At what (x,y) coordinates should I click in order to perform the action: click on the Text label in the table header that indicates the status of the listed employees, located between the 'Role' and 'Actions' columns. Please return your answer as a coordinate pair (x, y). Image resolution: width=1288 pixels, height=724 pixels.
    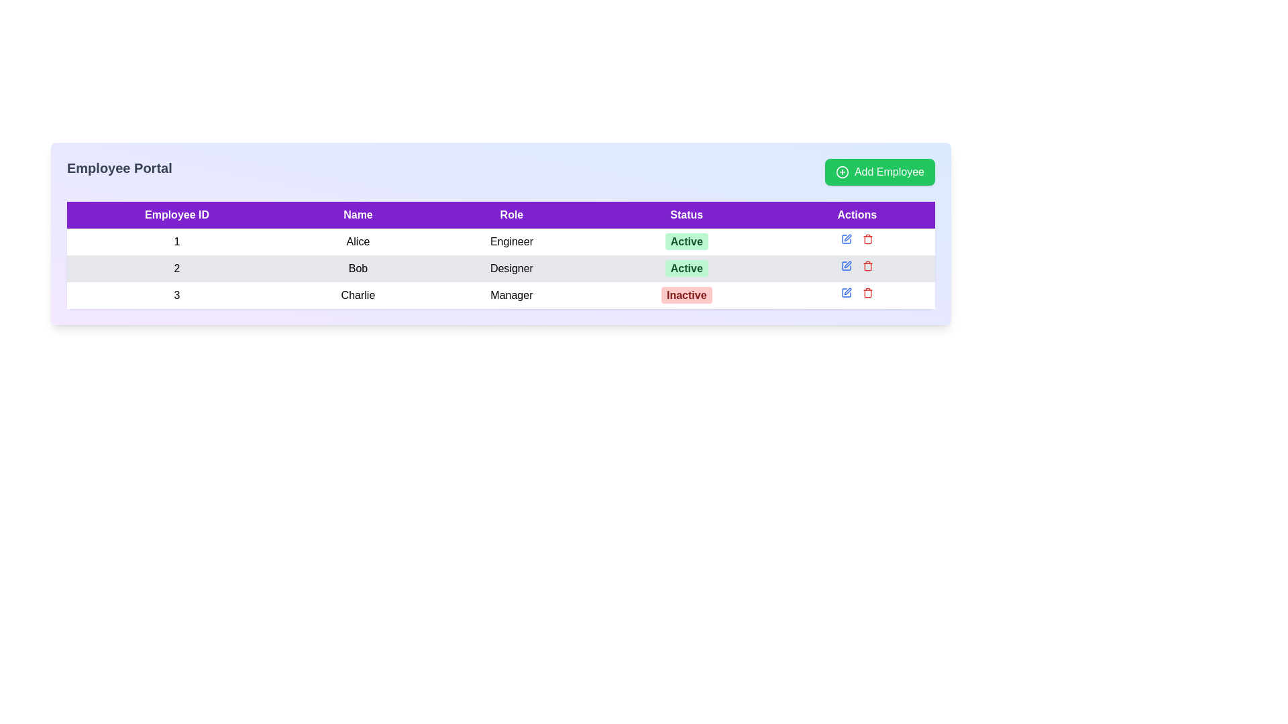
    Looking at the image, I should click on (686, 214).